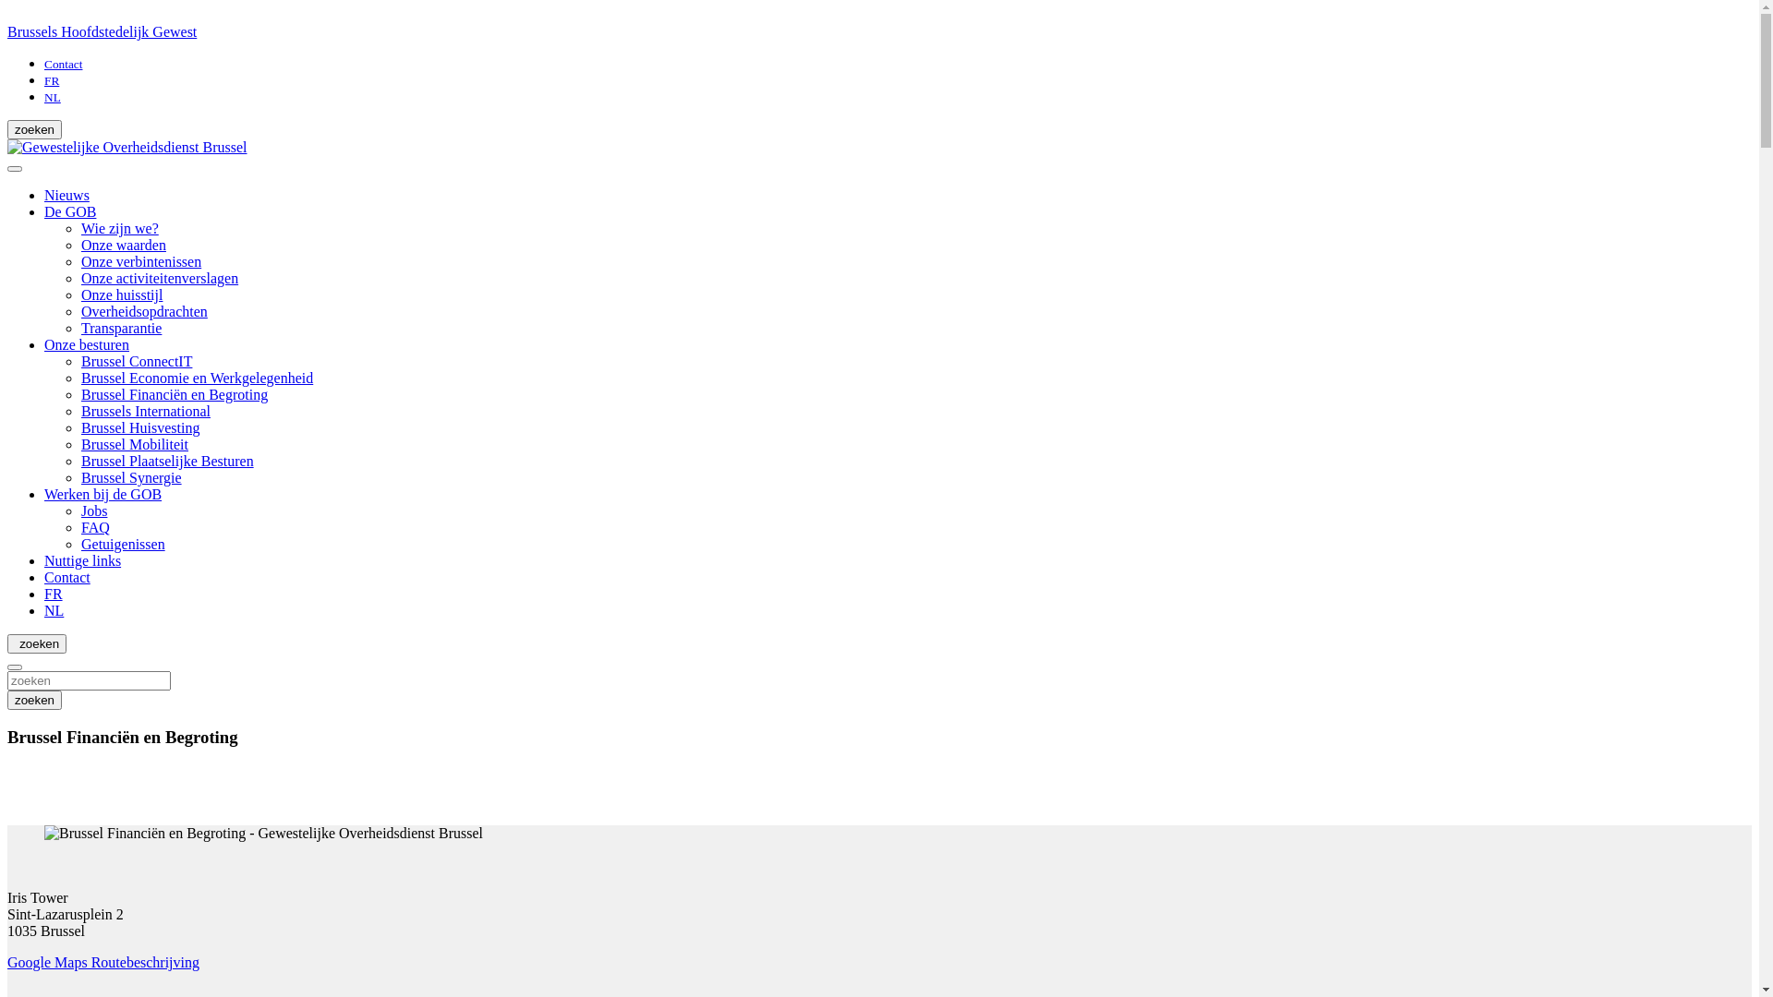 This screenshot has height=997, width=1773. Describe the element at coordinates (52, 78) in the screenshot. I see `'FR'` at that location.